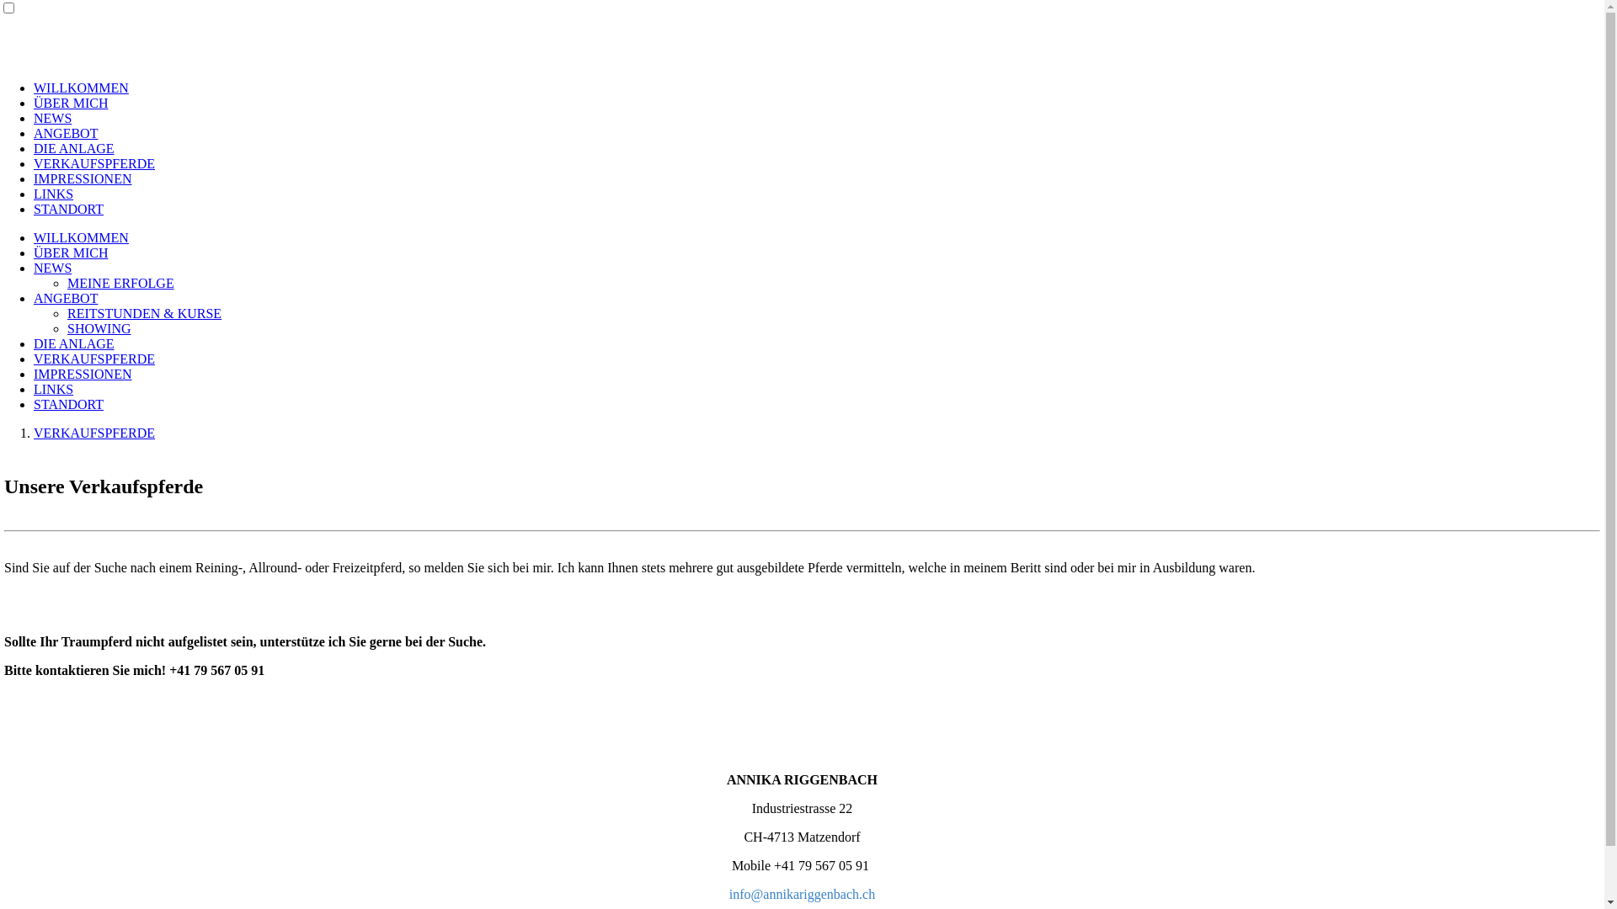 Image resolution: width=1617 pixels, height=909 pixels. I want to click on 'SHOWING', so click(99, 328).